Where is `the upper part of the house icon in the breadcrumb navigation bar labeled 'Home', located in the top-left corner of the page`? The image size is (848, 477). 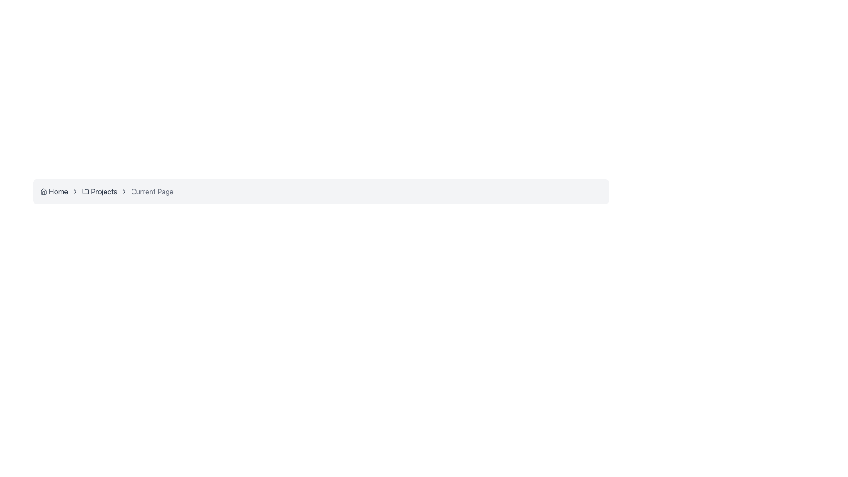
the upper part of the house icon in the breadcrumb navigation bar labeled 'Home', located in the top-left corner of the page is located at coordinates (43, 190).